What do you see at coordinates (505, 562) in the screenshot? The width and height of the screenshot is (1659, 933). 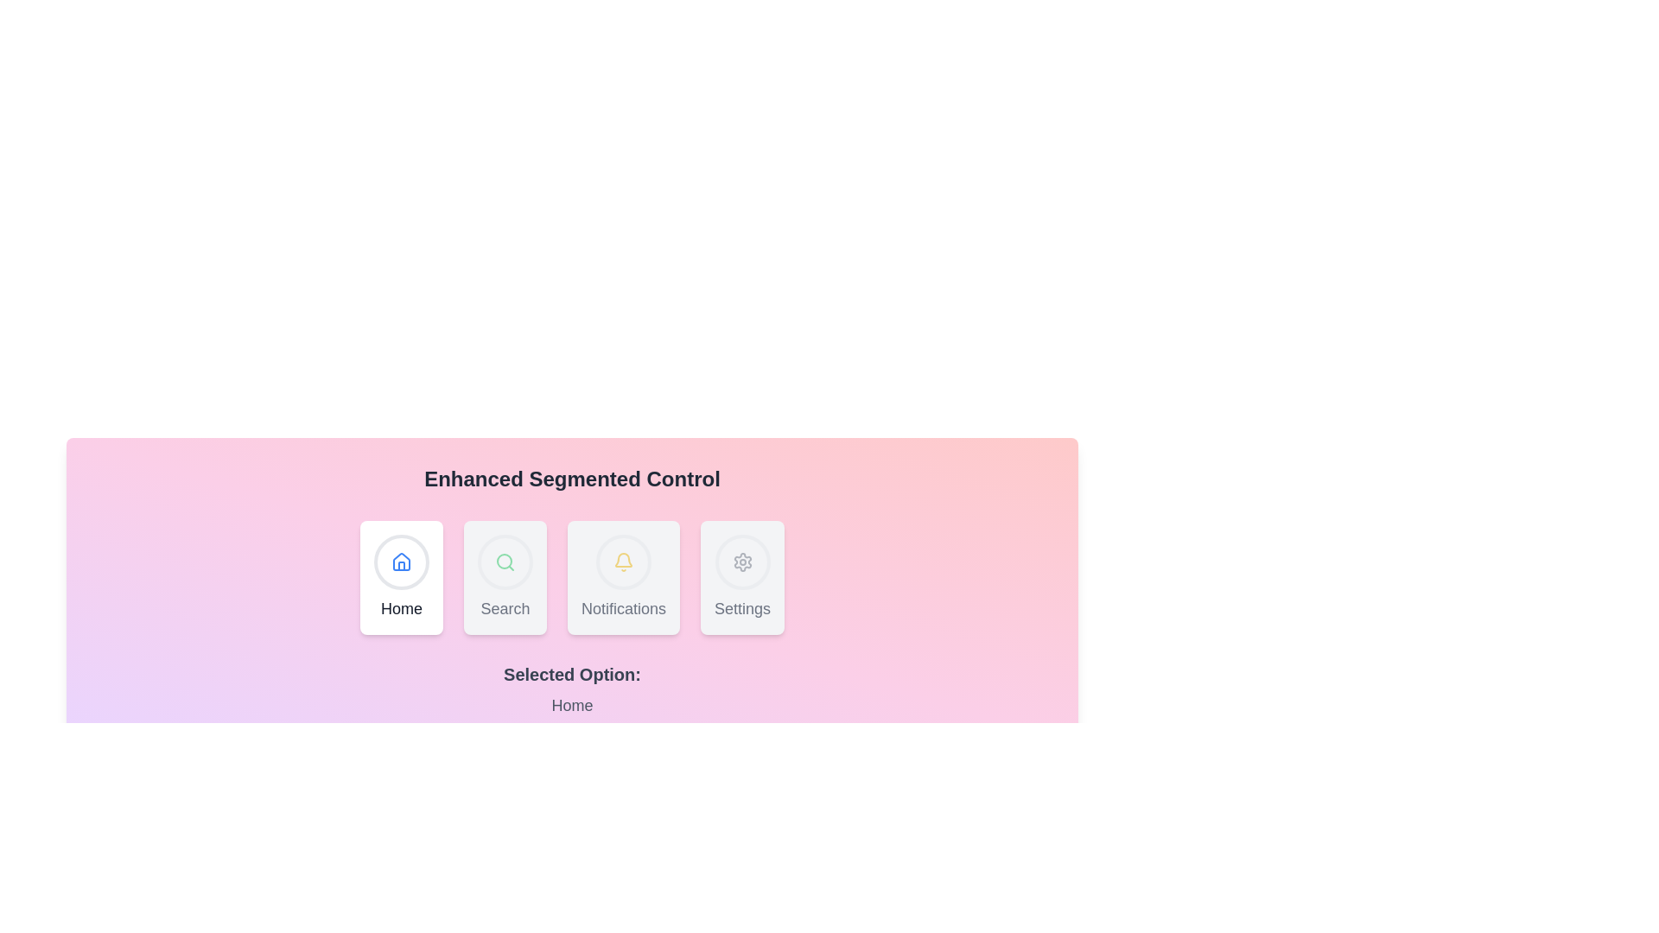 I see `the Magnifying Glass icon located in the 'Search' button, which is positioned between the 'Home' and 'Notifications' buttons` at bounding box center [505, 562].